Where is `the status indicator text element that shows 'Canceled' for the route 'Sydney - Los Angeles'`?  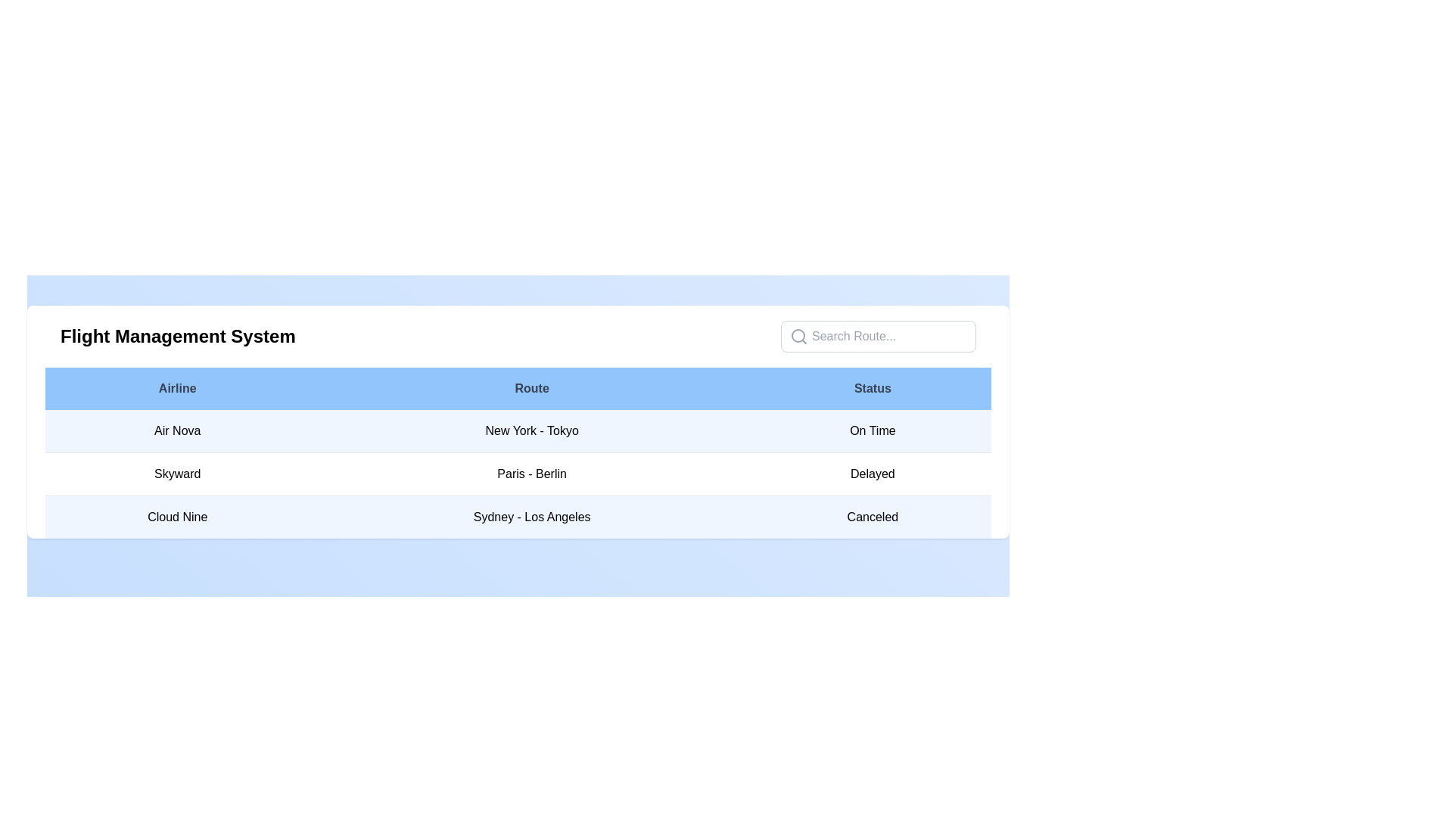 the status indicator text element that shows 'Canceled' for the route 'Sydney - Los Angeles' is located at coordinates (873, 516).